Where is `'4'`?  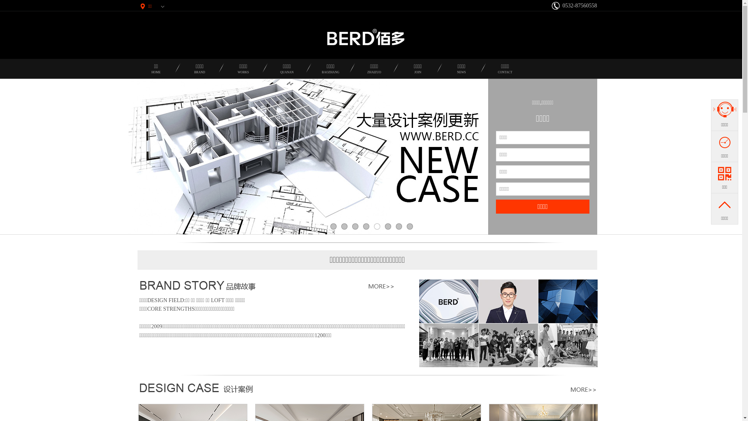
'4' is located at coordinates (366, 226).